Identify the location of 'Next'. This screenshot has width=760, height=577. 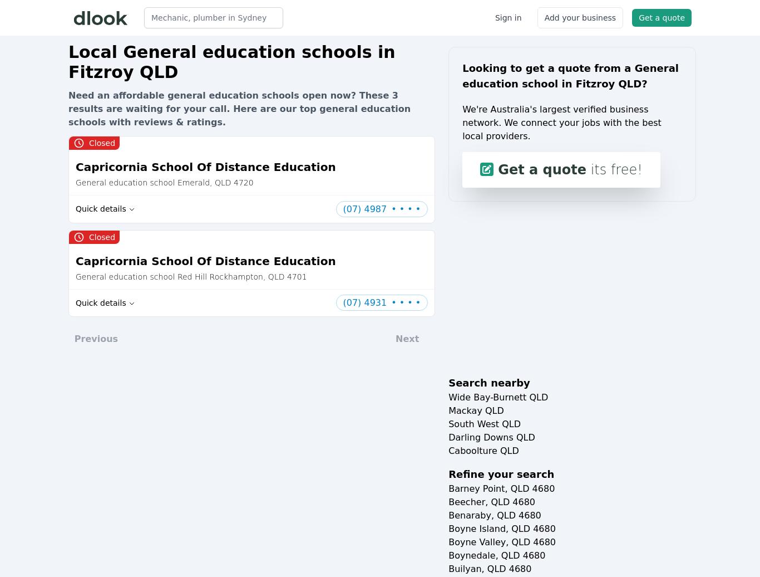
(396, 339).